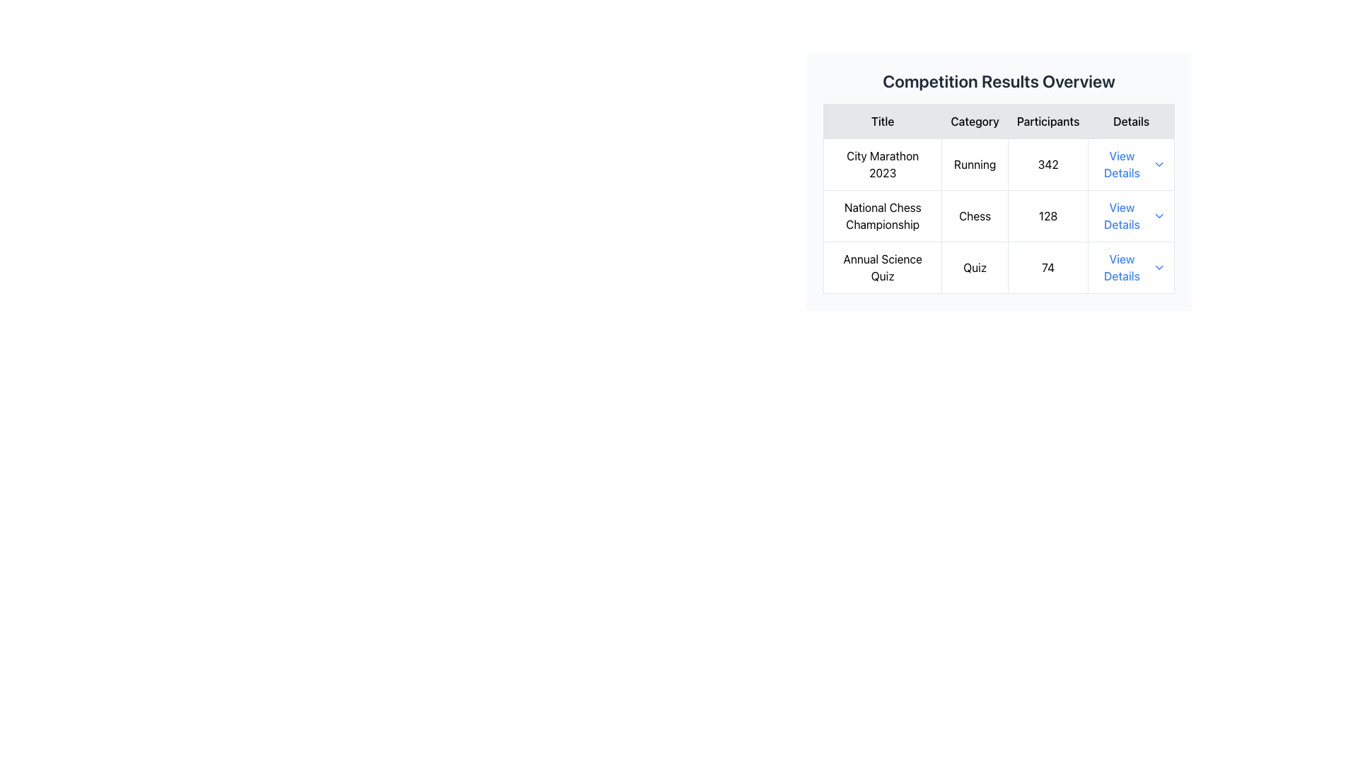 The width and height of the screenshot is (1358, 763). Describe the element at coordinates (1048, 267) in the screenshot. I see `the bold, black number '74' displayed in the 'Participants' column under the 'Annual Science Quiz' row` at that location.